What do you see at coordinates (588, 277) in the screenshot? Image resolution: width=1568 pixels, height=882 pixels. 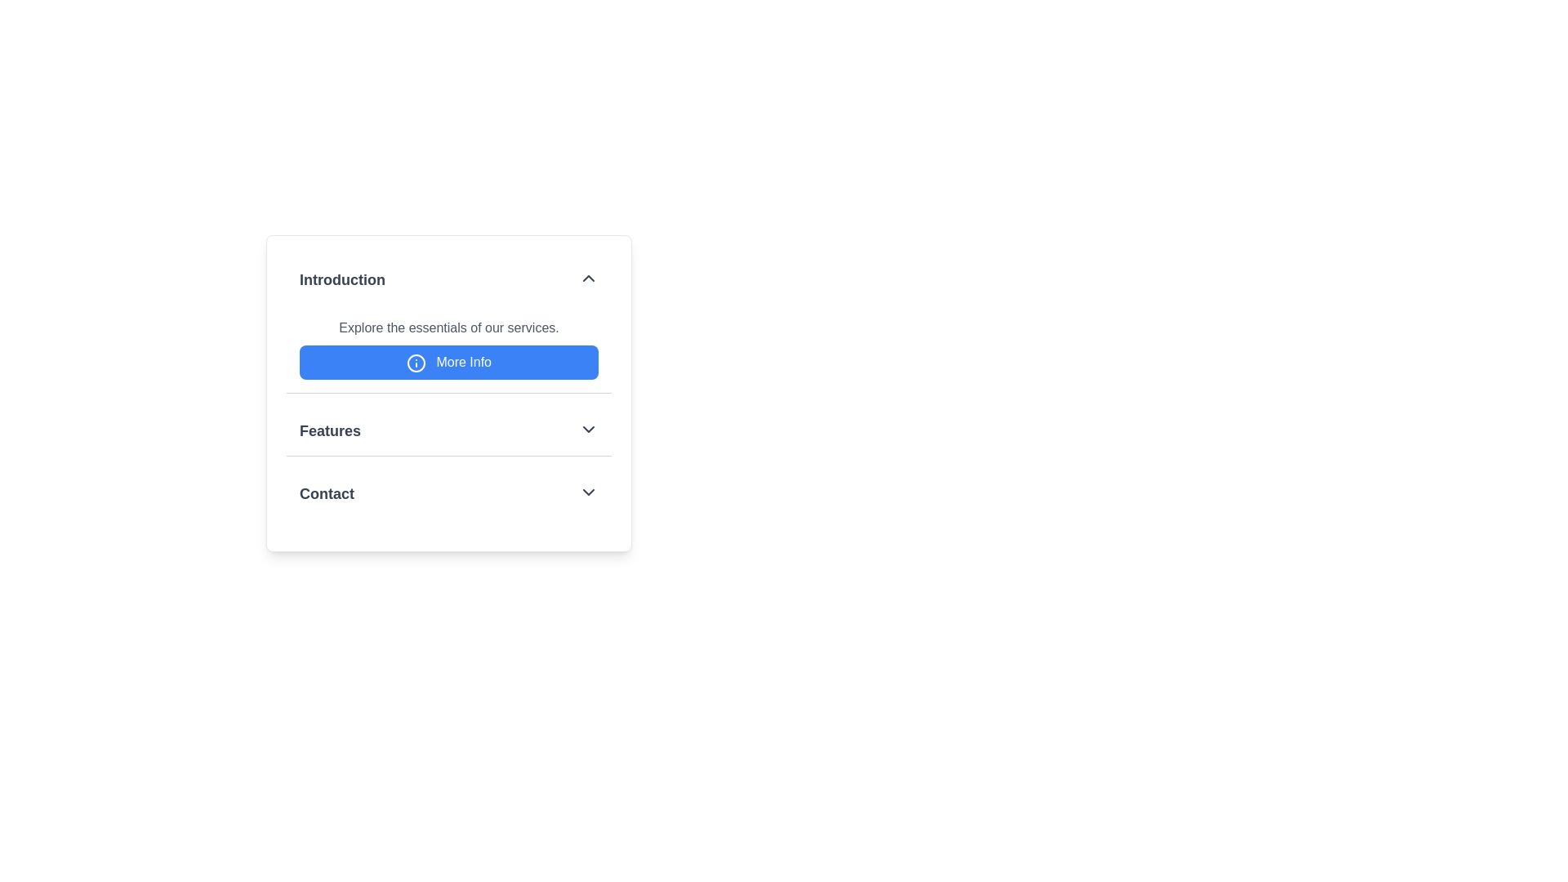 I see `the chevron icon pointing upward located to the far right of the 'Introduction' heading` at bounding box center [588, 277].